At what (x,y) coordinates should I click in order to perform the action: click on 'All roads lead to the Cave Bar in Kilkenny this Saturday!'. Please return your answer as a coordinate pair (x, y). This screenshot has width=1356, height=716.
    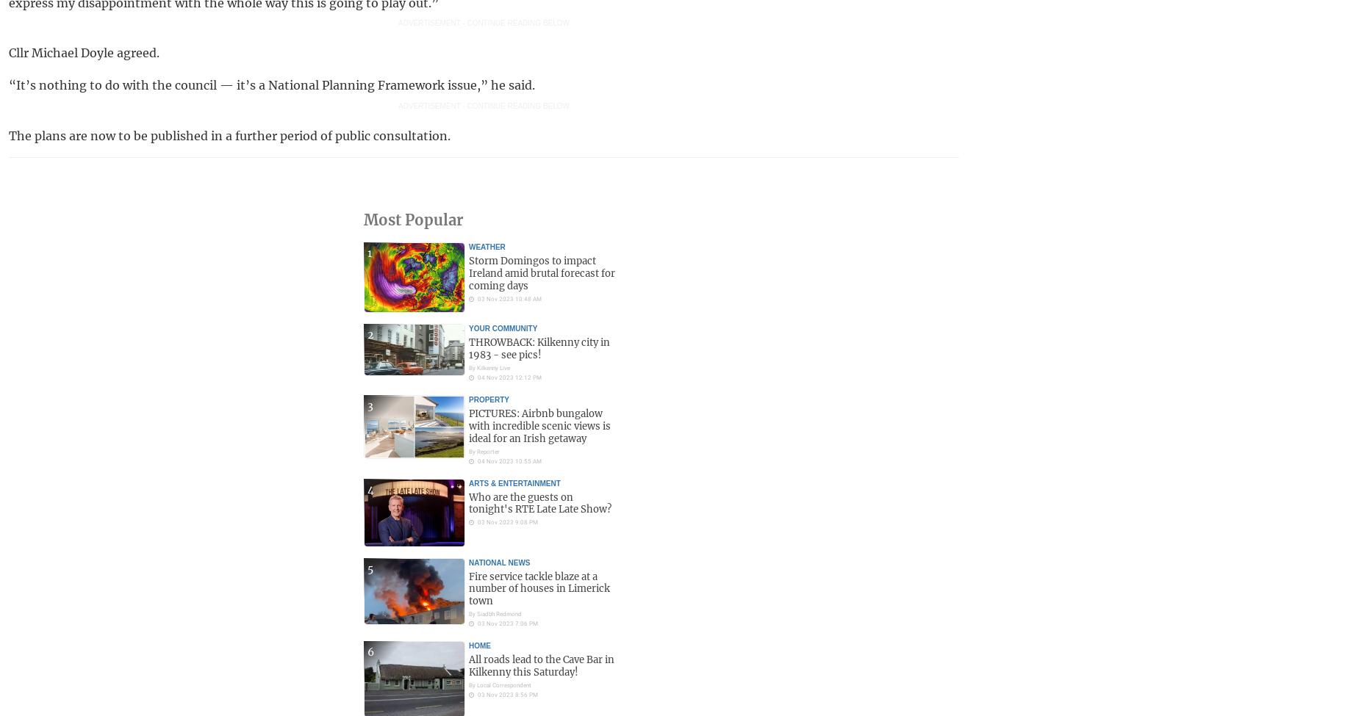
    Looking at the image, I should click on (469, 665).